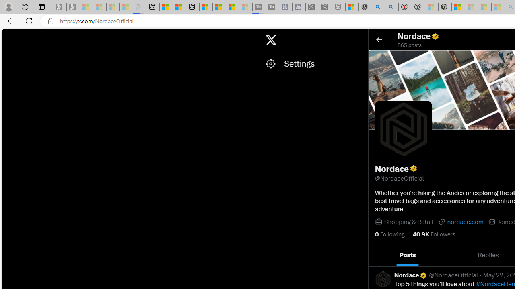 The height and width of the screenshot is (289, 515). Describe the element at coordinates (312, 63) in the screenshot. I see `'Settings'` at that location.